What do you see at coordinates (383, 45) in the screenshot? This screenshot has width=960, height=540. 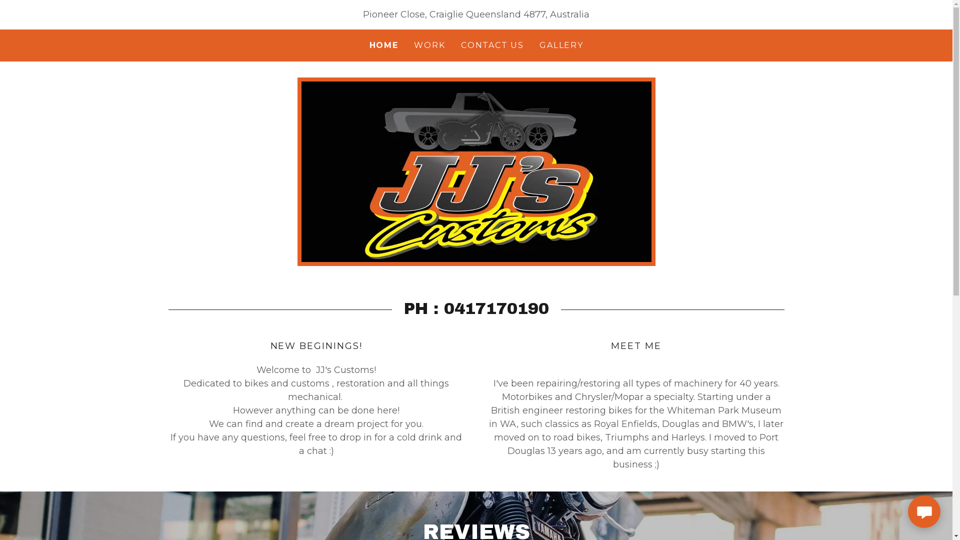 I see `'HOME'` at bounding box center [383, 45].